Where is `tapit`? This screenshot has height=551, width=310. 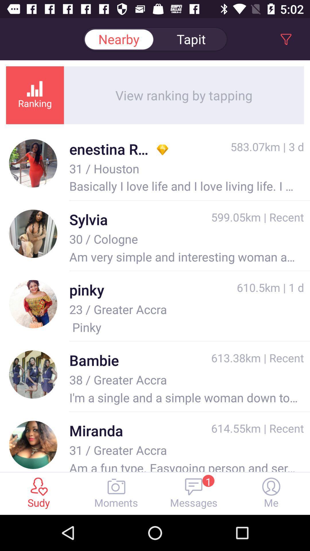
tapit is located at coordinates (191, 39).